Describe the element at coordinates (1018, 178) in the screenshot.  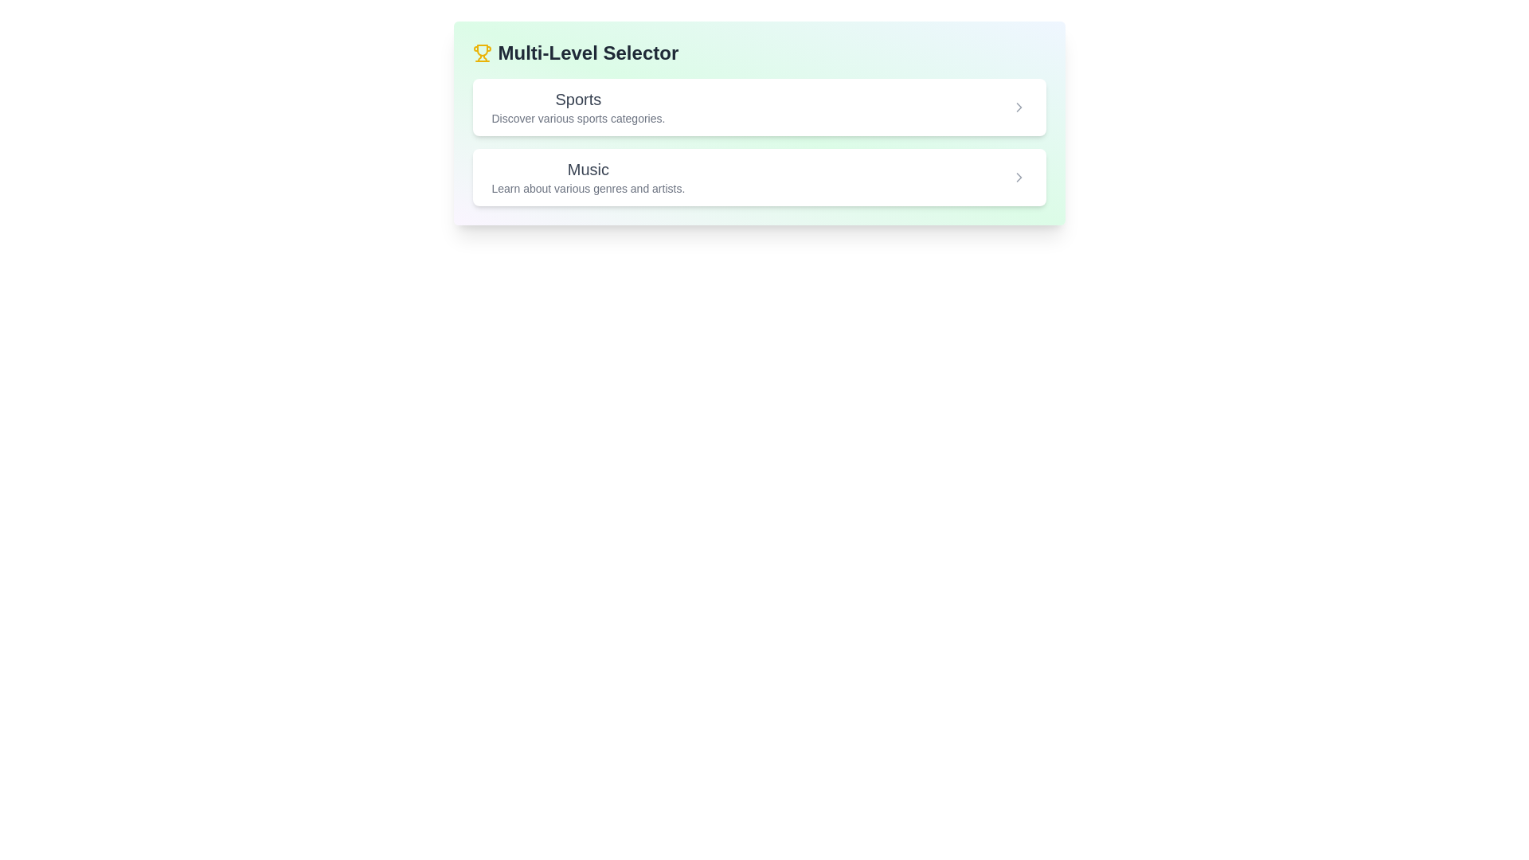
I see `the chevron-right icon located at the far-right edge of the 'Music' list item, which is the second item under the 'Multi-Level Selector' title` at that location.